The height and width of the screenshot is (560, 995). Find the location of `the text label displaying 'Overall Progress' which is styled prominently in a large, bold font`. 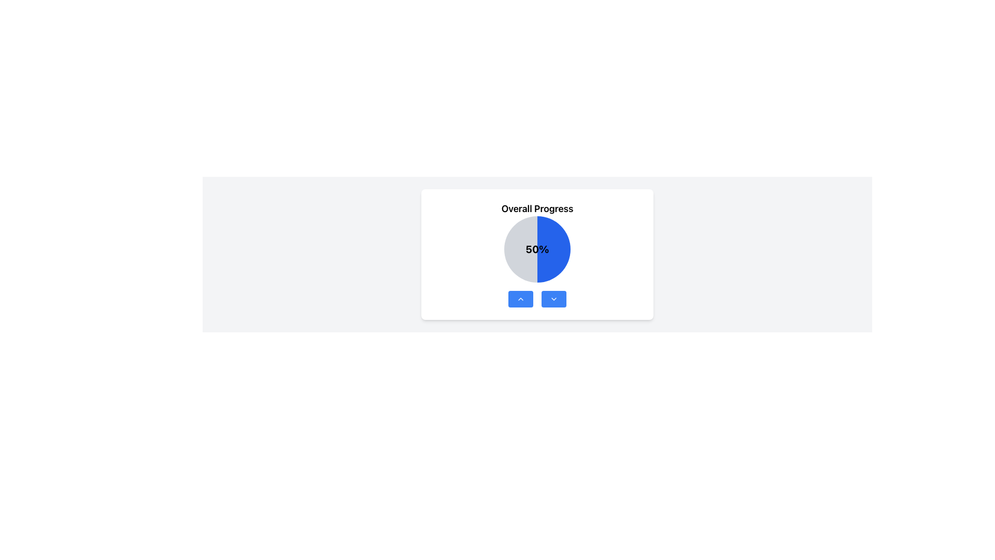

the text label displaying 'Overall Progress' which is styled prominently in a large, bold font is located at coordinates (537, 208).